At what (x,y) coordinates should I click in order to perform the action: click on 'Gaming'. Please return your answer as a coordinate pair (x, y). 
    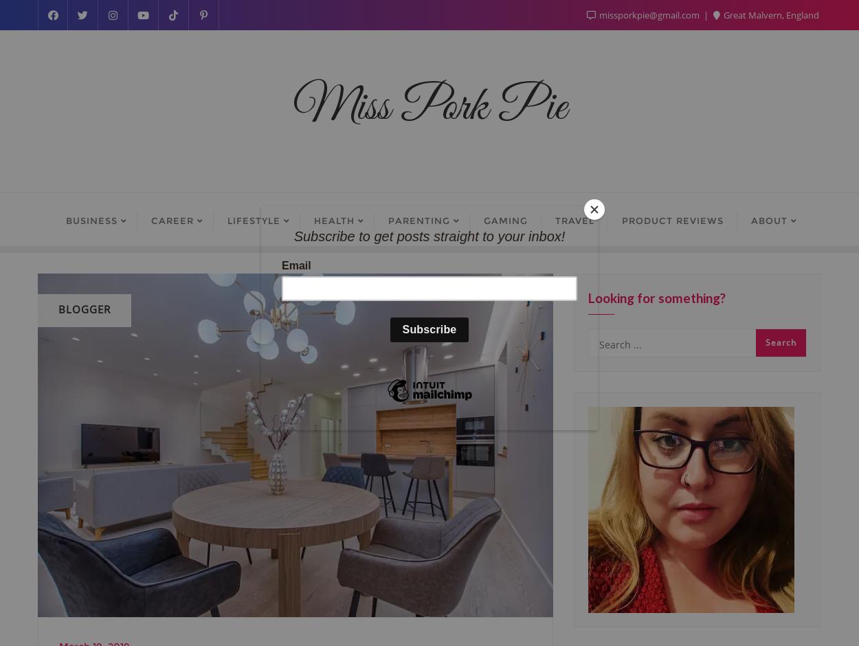
    Looking at the image, I should click on (504, 221).